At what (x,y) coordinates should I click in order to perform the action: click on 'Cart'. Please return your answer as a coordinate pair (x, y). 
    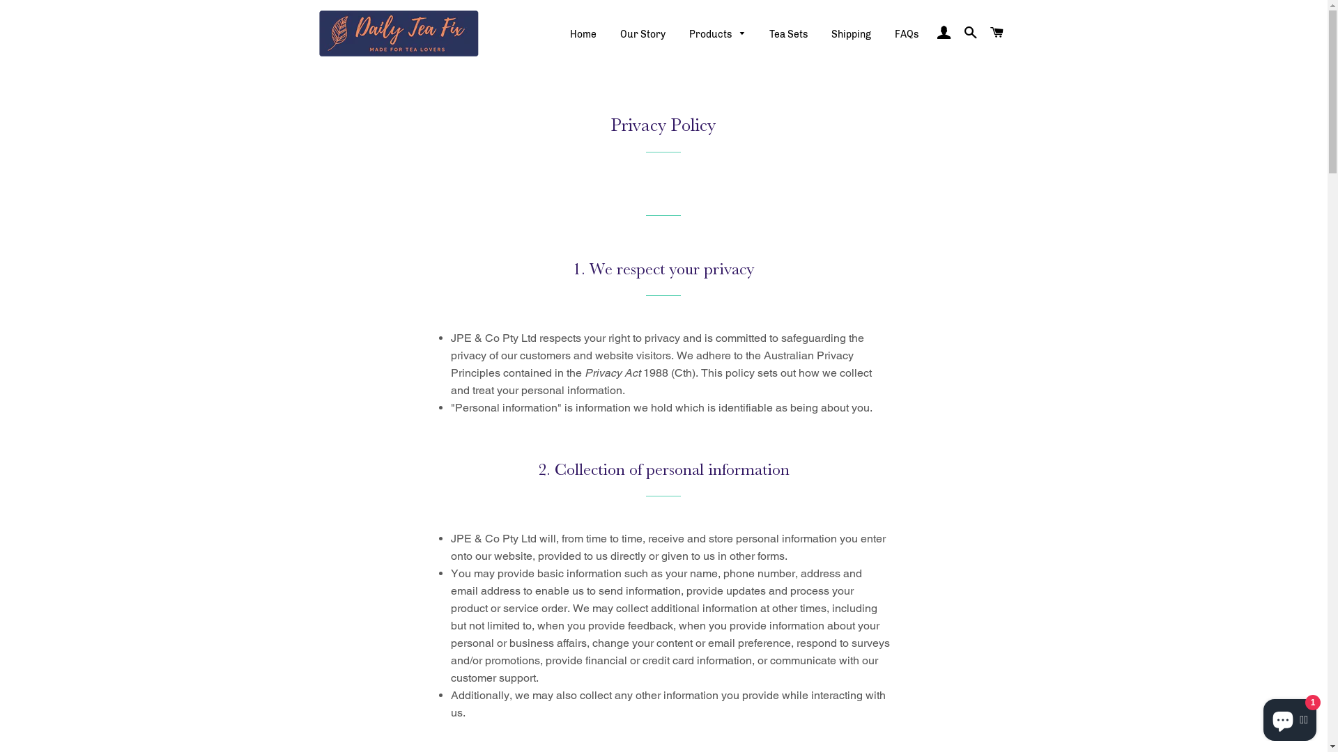
    Looking at the image, I should click on (996, 32).